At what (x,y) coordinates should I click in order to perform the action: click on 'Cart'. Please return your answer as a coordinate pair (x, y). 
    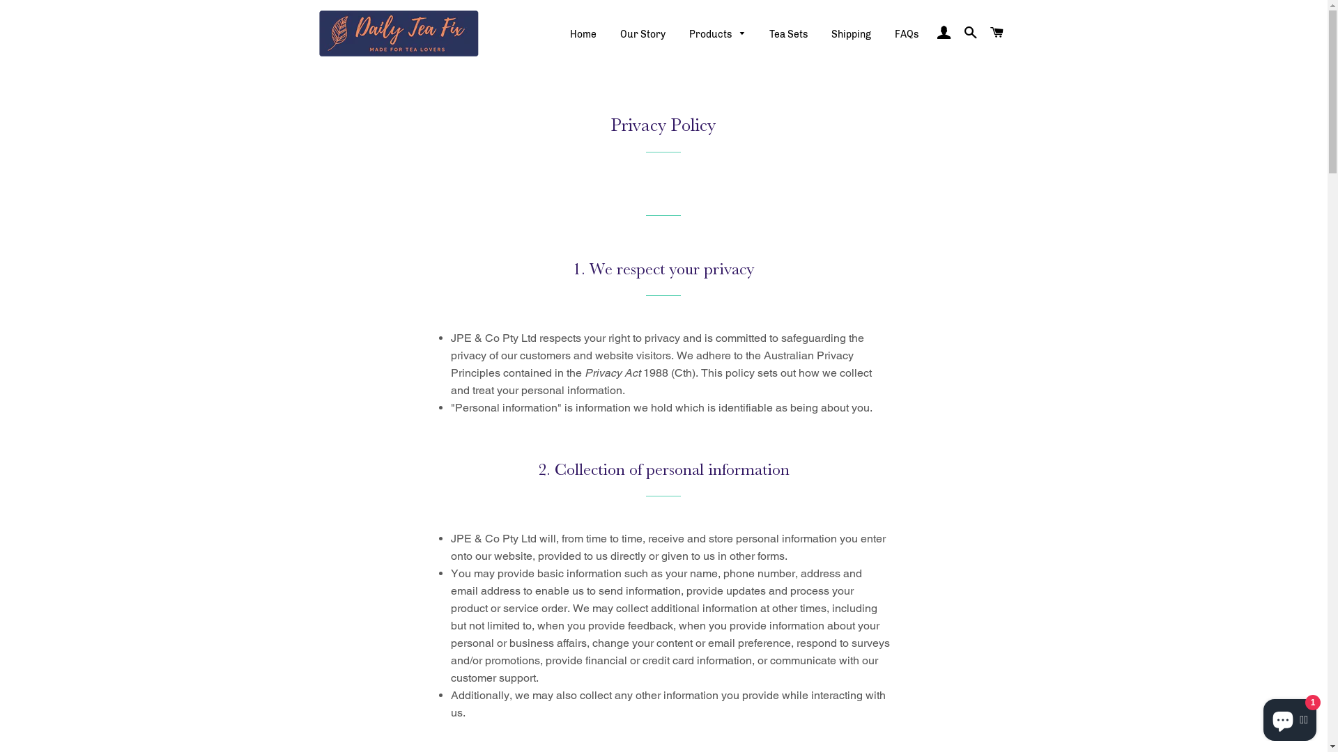
    Looking at the image, I should click on (996, 32).